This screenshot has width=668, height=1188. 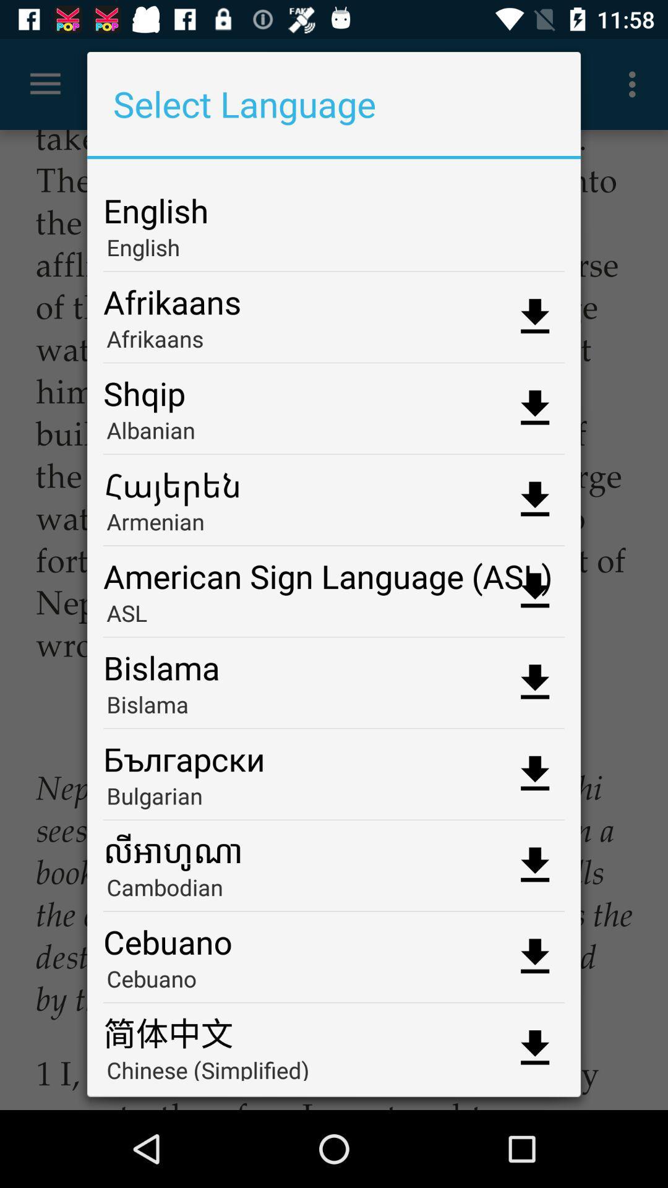 What do you see at coordinates (334, 525) in the screenshot?
I see `the armenian app` at bounding box center [334, 525].